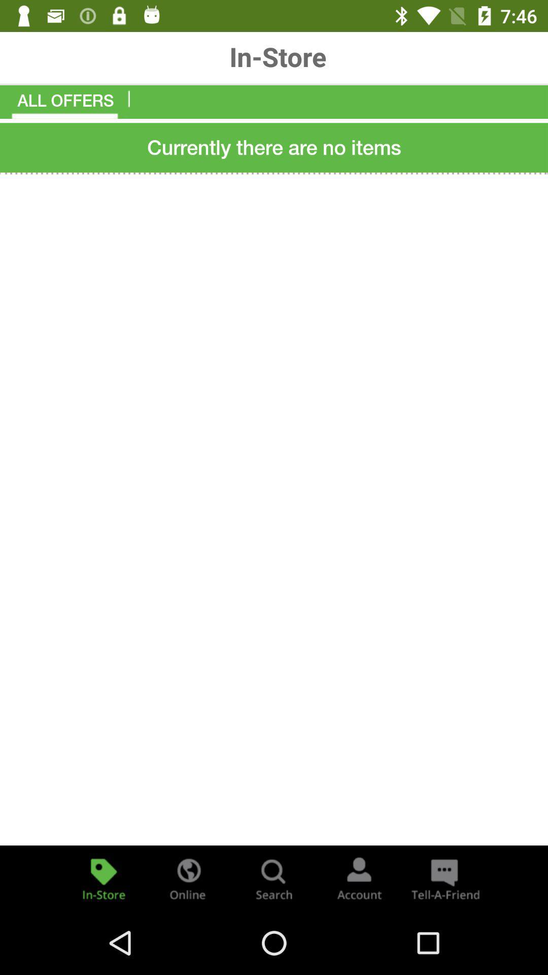  Describe the element at coordinates (188, 877) in the screenshot. I see `online deal offers` at that location.